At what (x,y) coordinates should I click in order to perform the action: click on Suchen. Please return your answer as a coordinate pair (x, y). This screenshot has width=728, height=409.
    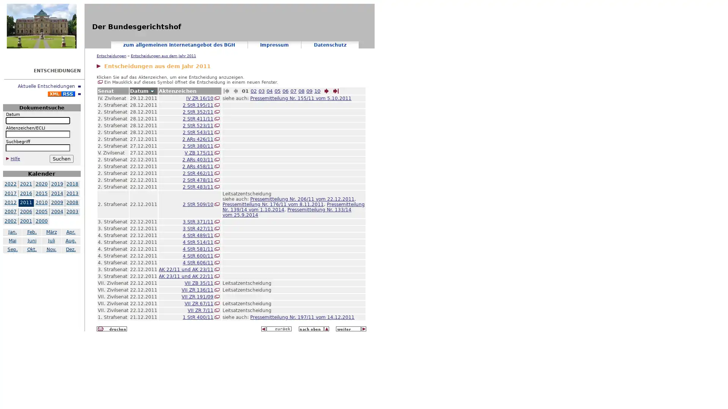
    Looking at the image, I should click on (61, 158).